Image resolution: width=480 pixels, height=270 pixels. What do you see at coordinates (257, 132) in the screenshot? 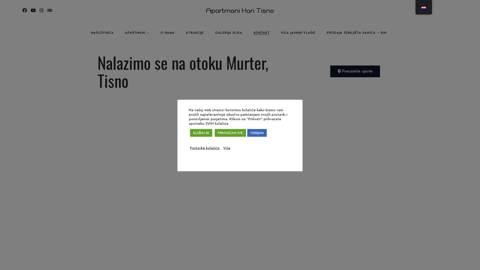
I see `'ODBIJAM'` at bounding box center [257, 132].